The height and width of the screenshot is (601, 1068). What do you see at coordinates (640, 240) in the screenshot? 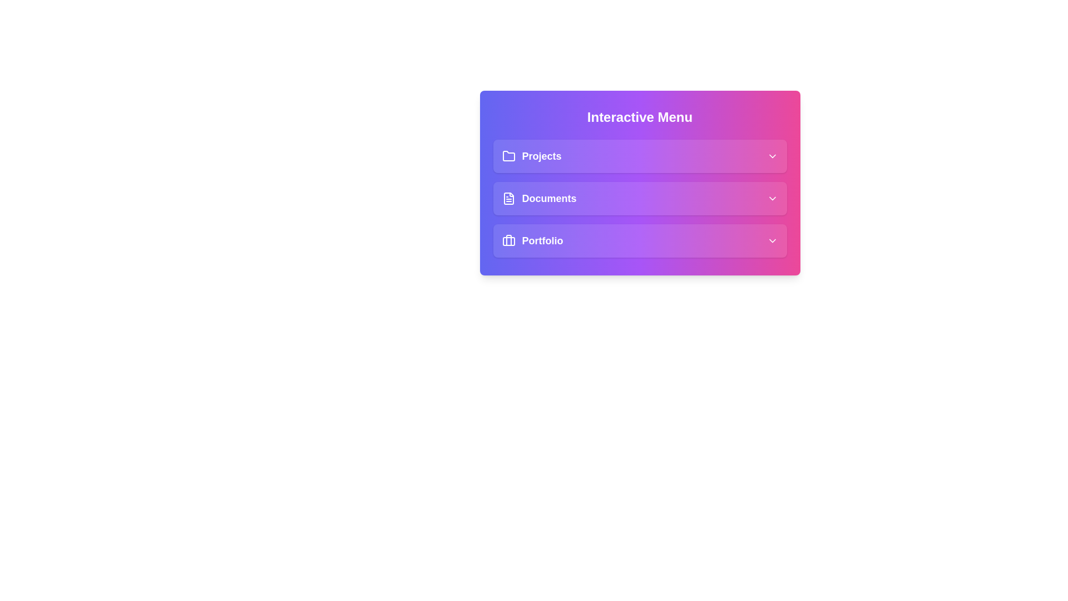
I see `the 'Portfolio' menu item, which is a rectangular button with a briefcase icon on the left and a downward arrow icon on the right, to open additional options` at bounding box center [640, 240].